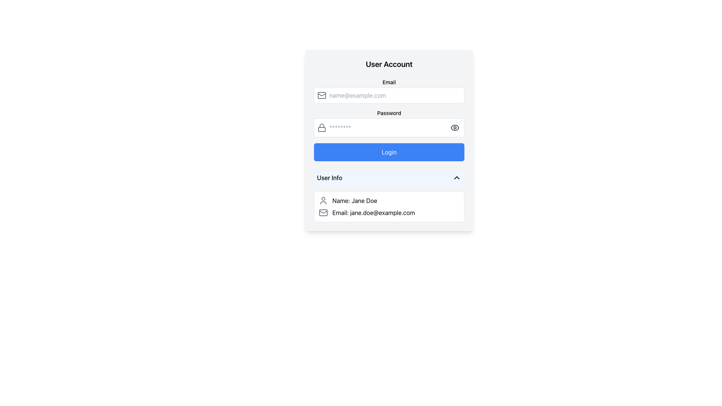  I want to click on the submission button located at the bottom of the login form, so click(389, 152).